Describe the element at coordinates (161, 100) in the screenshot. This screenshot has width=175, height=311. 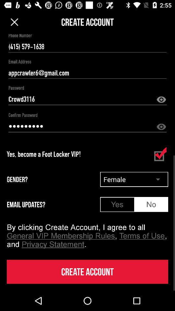
I see `hidden option` at that location.